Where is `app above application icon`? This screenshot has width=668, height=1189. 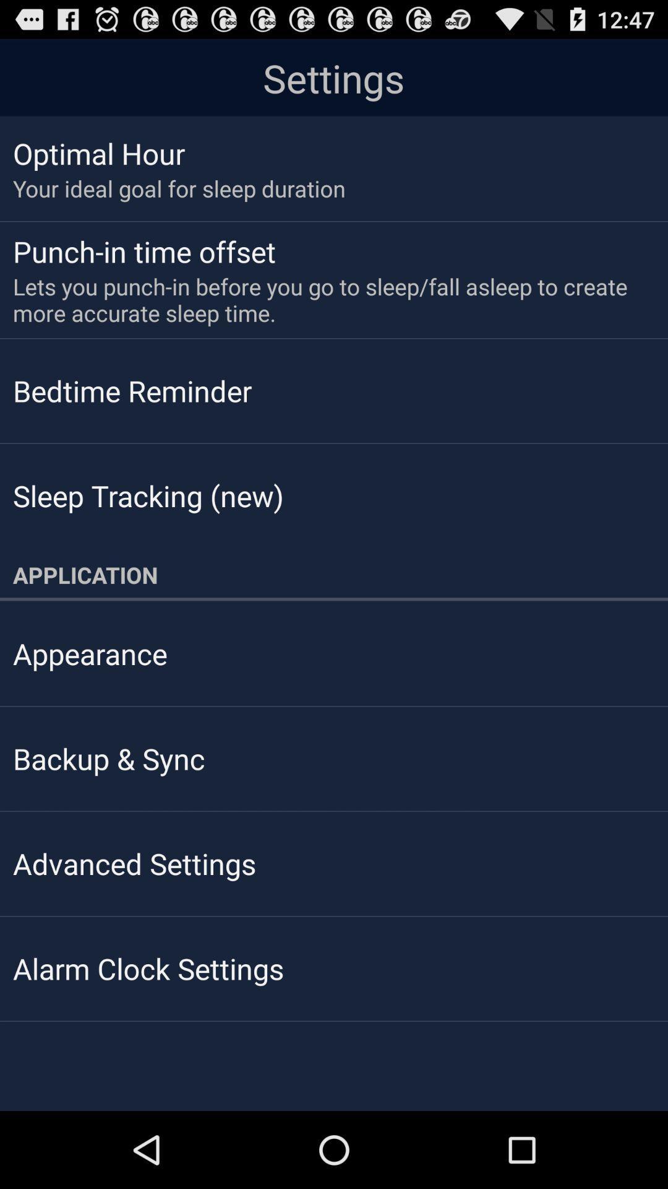 app above application icon is located at coordinates (147, 495).